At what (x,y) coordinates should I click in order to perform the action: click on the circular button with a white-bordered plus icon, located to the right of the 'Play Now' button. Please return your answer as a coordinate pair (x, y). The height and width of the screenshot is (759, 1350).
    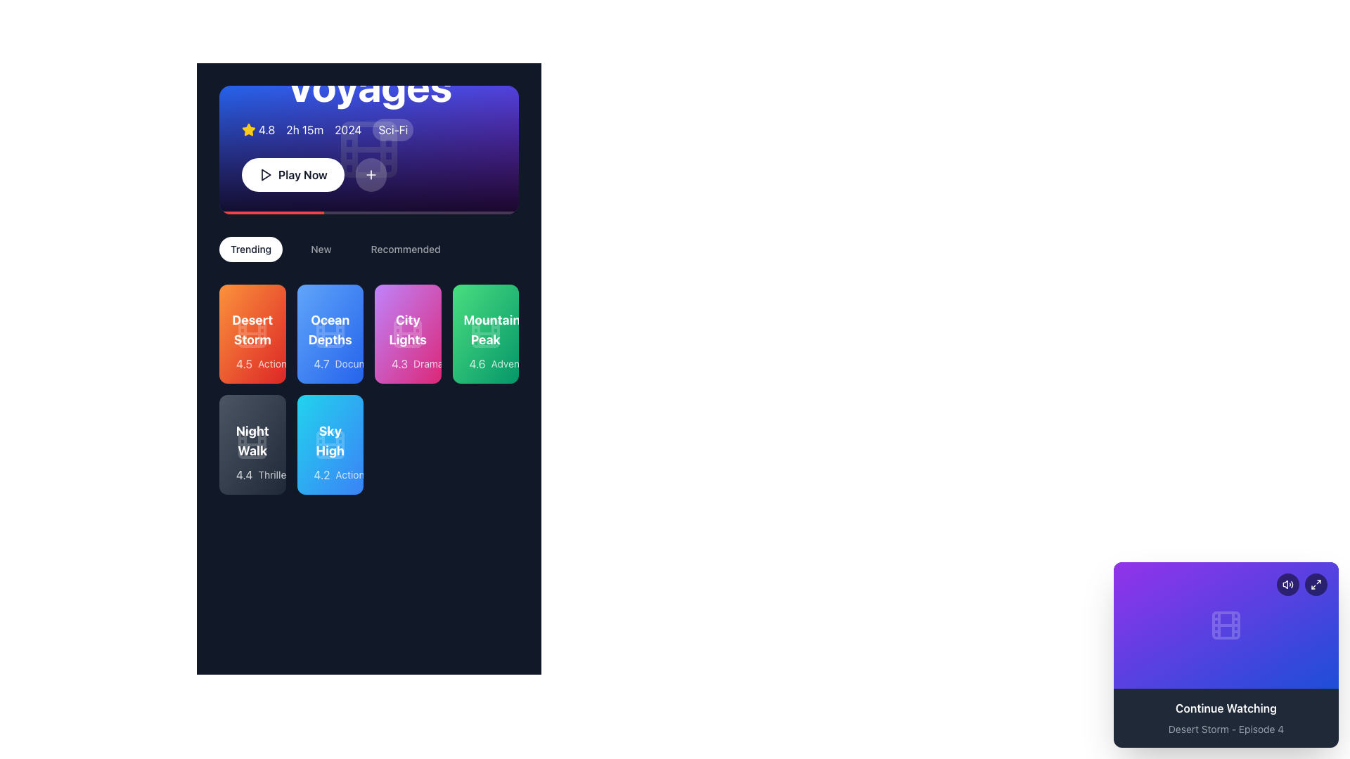
    Looking at the image, I should click on (371, 174).